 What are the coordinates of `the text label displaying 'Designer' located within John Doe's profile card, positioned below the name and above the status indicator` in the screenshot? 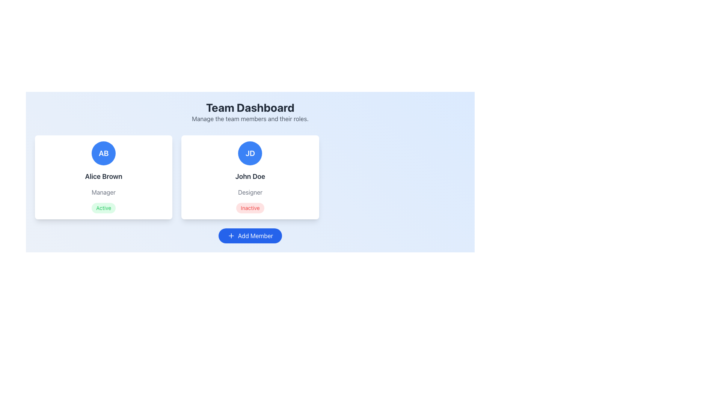 It's located at (250, 192).